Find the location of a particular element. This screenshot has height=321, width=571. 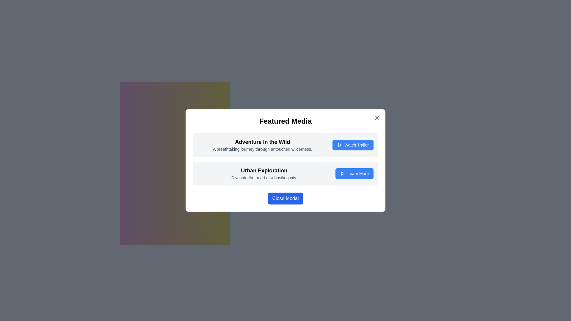

the blue rectangular button labeled 'Watch Trailer' is located at coordinates (357, 145).